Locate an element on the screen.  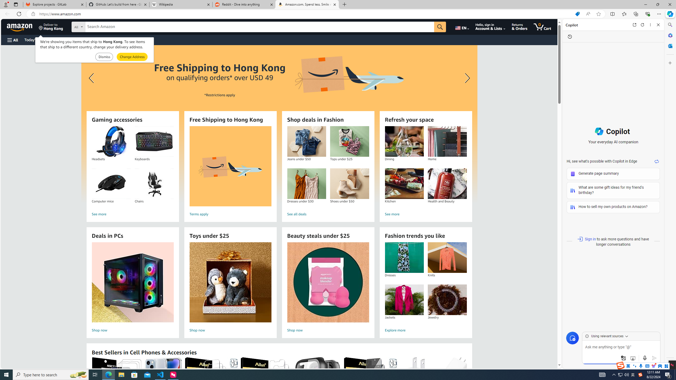
'Knits' is located at coordinates (447, 258).